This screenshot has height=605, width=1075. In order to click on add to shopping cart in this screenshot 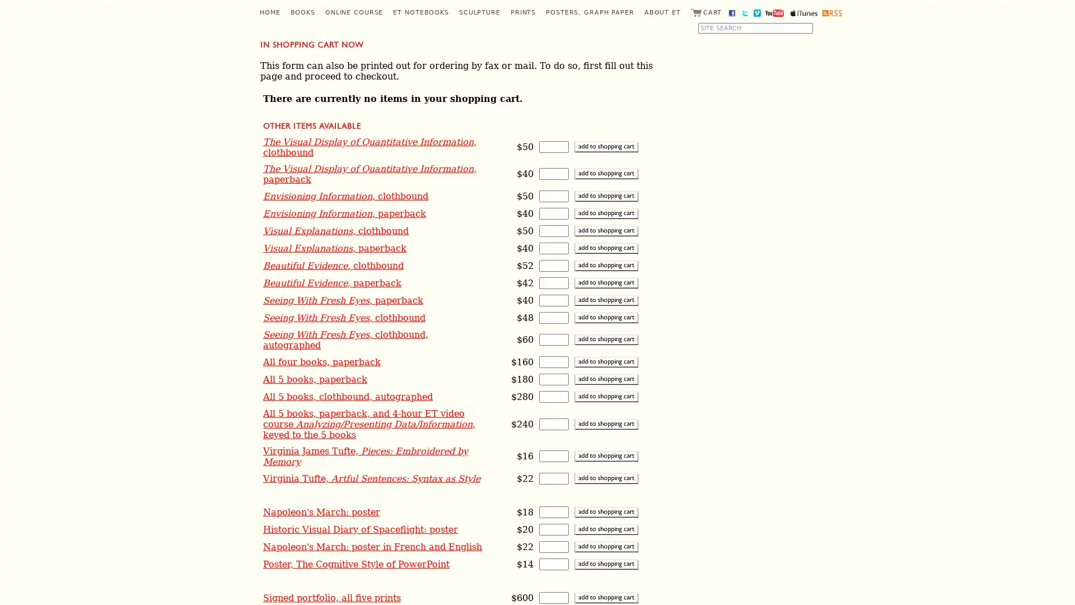, I will do `click(606, 213)`.